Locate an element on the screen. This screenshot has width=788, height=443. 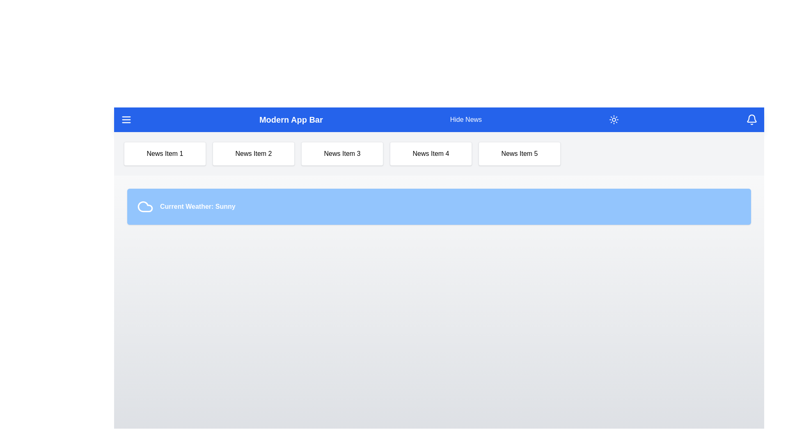
the menu icon to toggle the menu is located at coordinates (126, 120).